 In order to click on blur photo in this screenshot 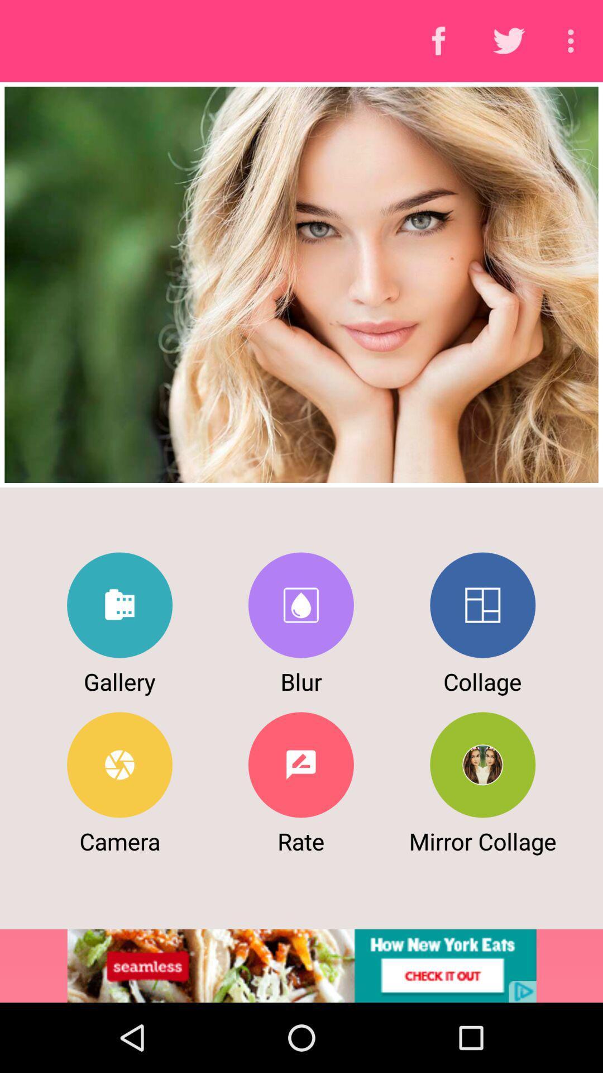, I will do `click(300, 605)`.